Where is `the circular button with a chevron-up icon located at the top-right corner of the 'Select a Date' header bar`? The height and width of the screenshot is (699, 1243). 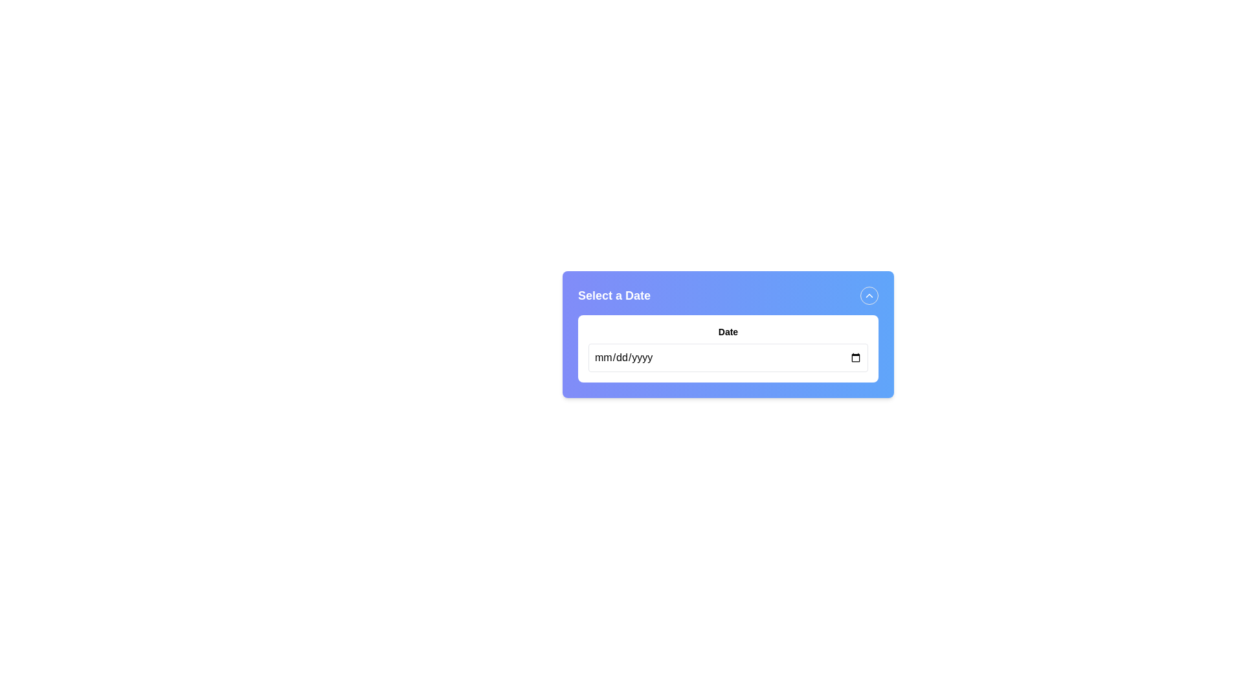
the circular button with a chevron-up icon located at the top-right corner of the 'Select a Date' header bar is located at coordinates (869, 295).